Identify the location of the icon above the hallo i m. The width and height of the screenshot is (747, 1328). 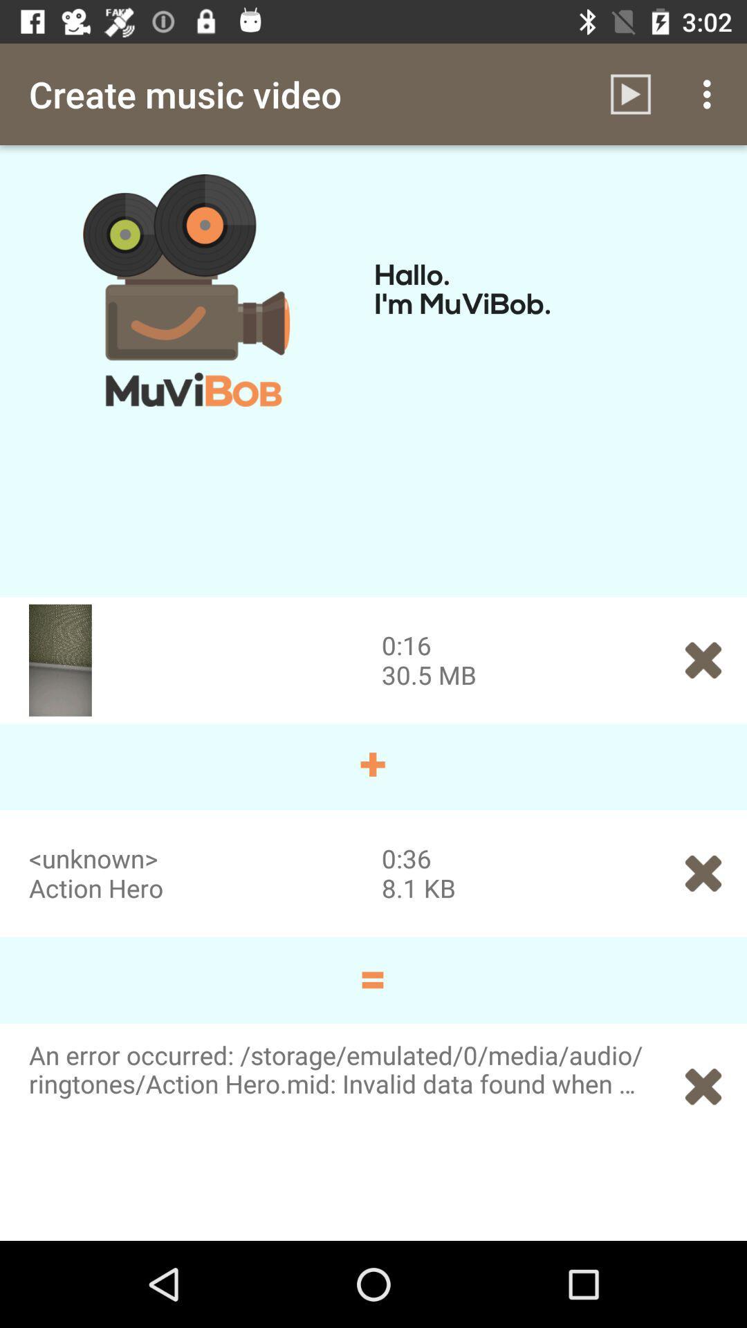
(630, 93).